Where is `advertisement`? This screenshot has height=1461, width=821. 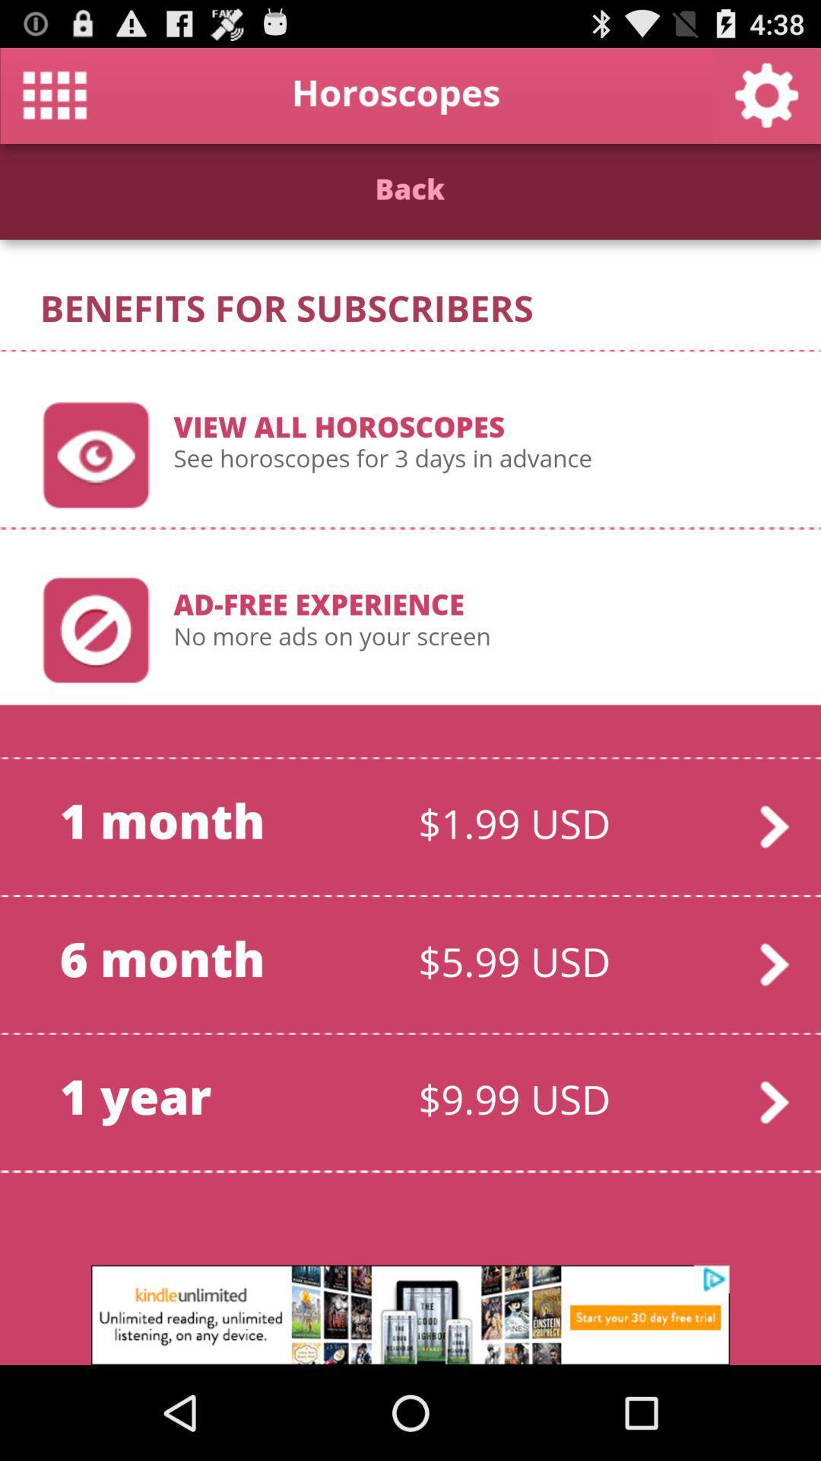
advertisement is located at coordinates (410, 1314).